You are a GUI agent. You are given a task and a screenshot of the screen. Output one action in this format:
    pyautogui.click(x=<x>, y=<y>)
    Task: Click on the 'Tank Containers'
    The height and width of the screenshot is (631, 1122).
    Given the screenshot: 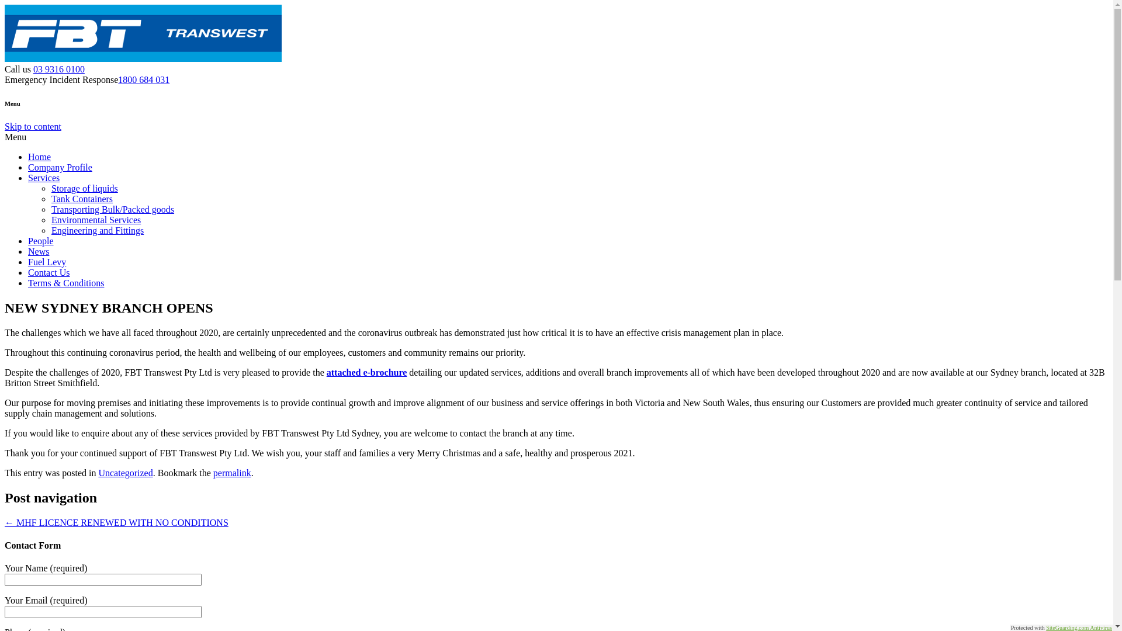 What is the action you would take?
    pyautogui.click(x=81, y=198)
    